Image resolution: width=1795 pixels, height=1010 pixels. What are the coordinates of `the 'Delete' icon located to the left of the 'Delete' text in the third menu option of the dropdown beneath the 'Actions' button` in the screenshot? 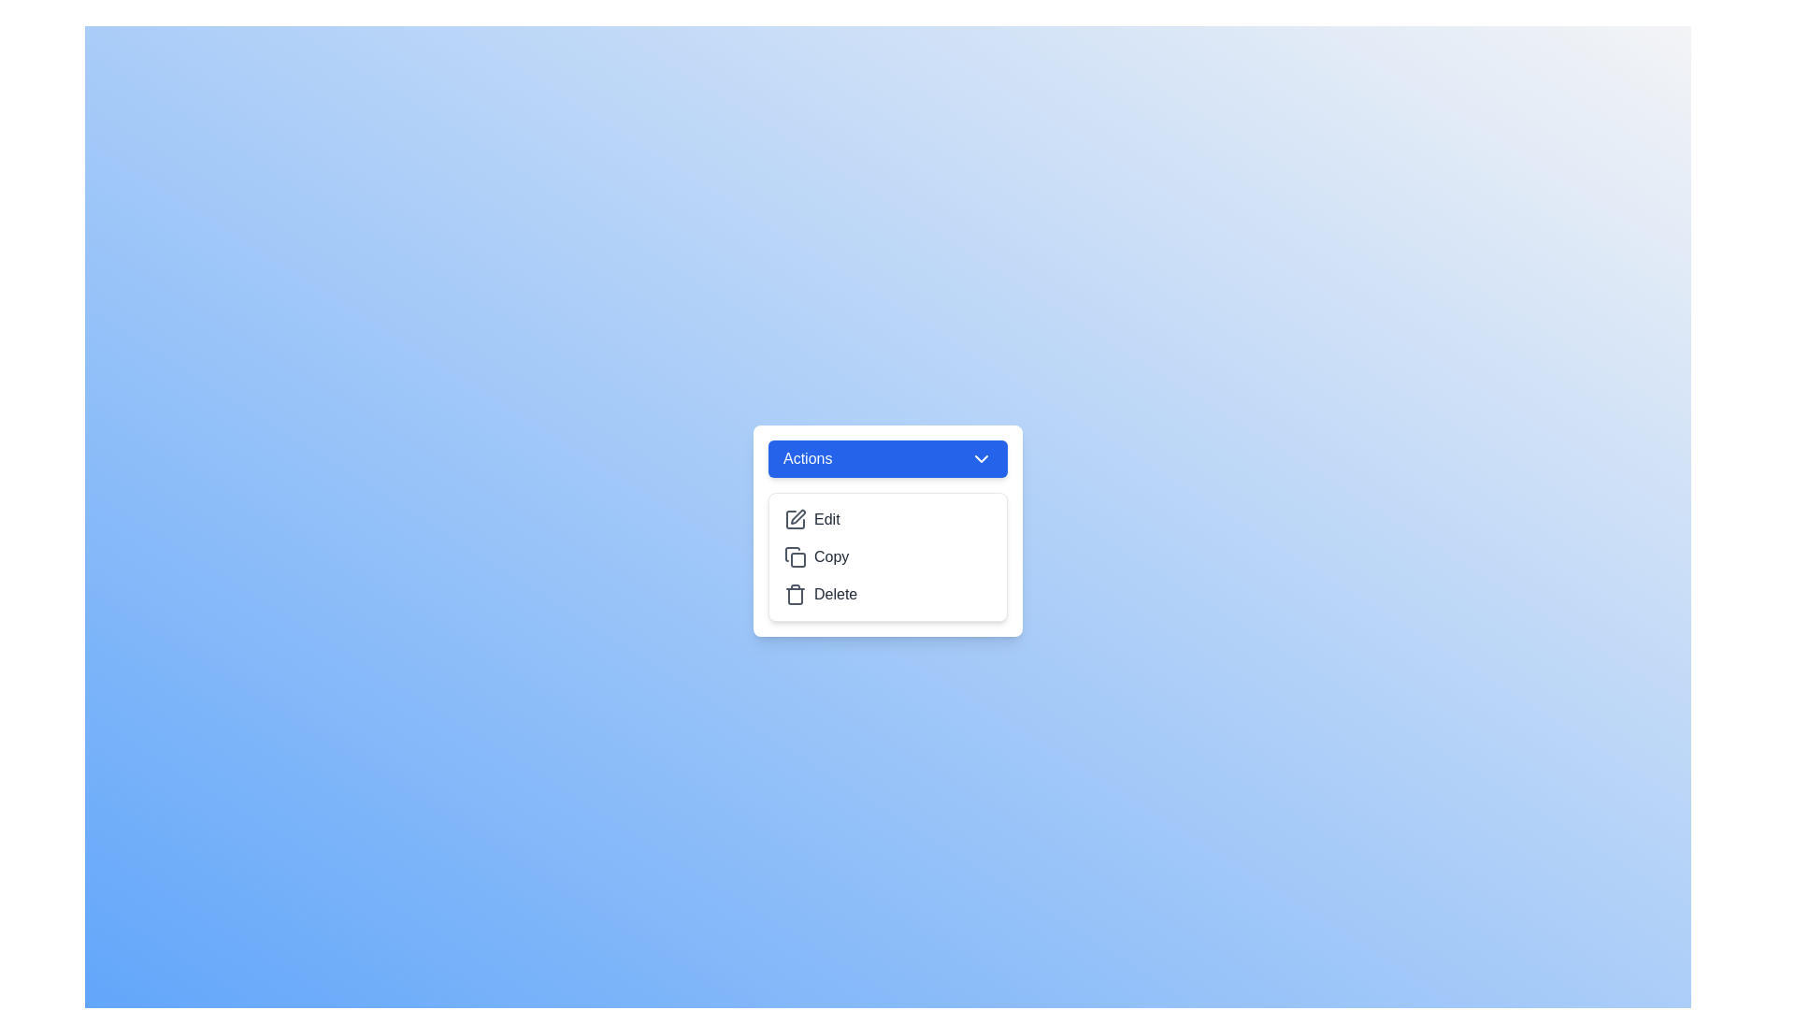 It's located at (795, 595).